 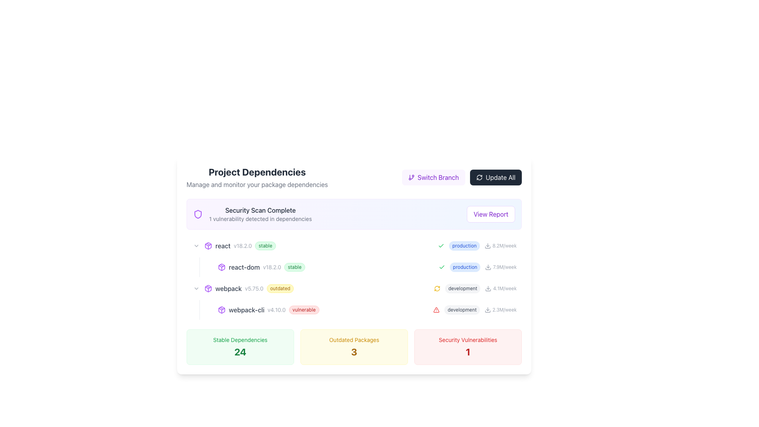 What do you see at coordinates (487, 309) in the screenshot?
I see `the download icon located on the right-hand side, adjacent to the 'development' label and the '2.3M/week' text` at bounding box center [487, 309].